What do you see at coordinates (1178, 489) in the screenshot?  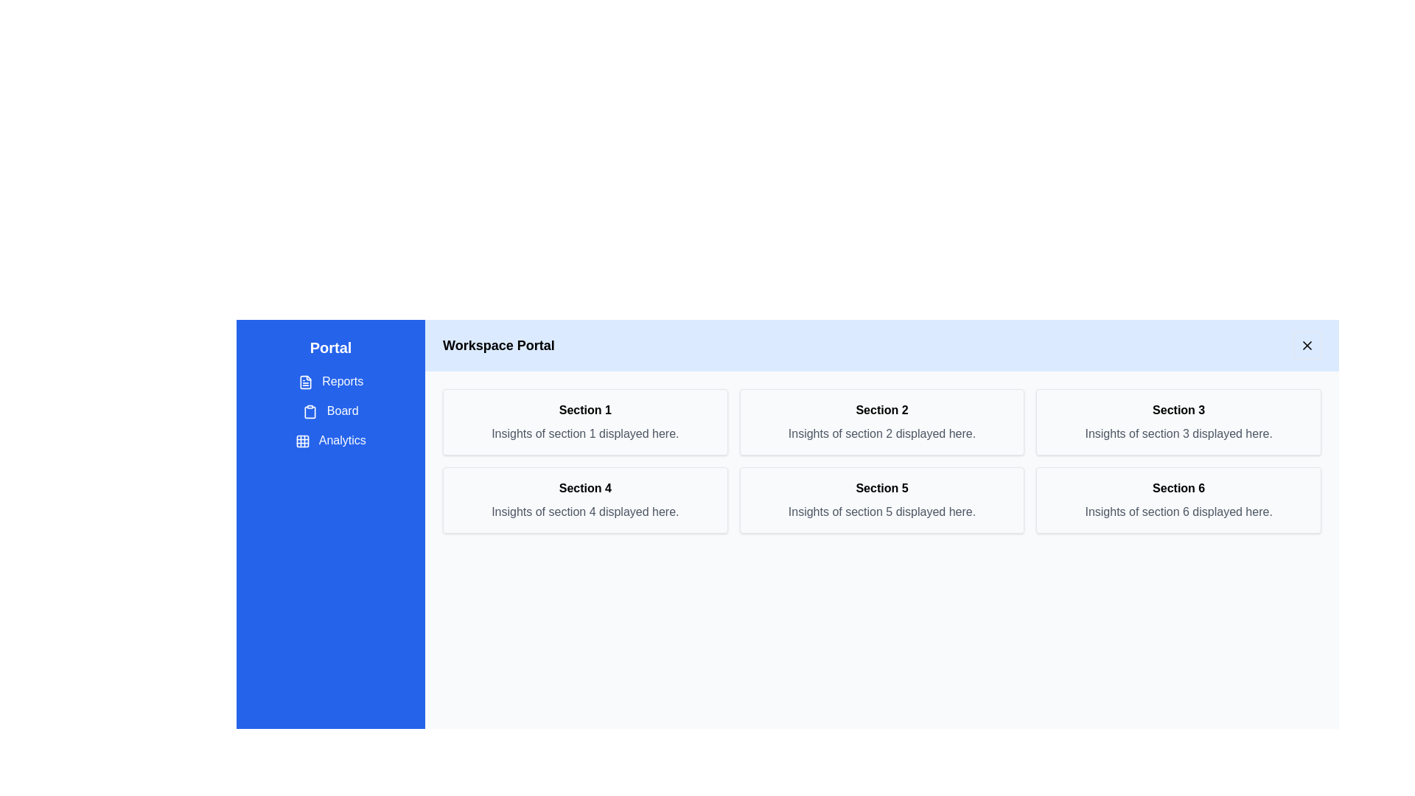 I see `the bold text label displaying 'Section 6' located at the top-center of the bottom-right card in the grid layout` at bounding box center [1178, 489].